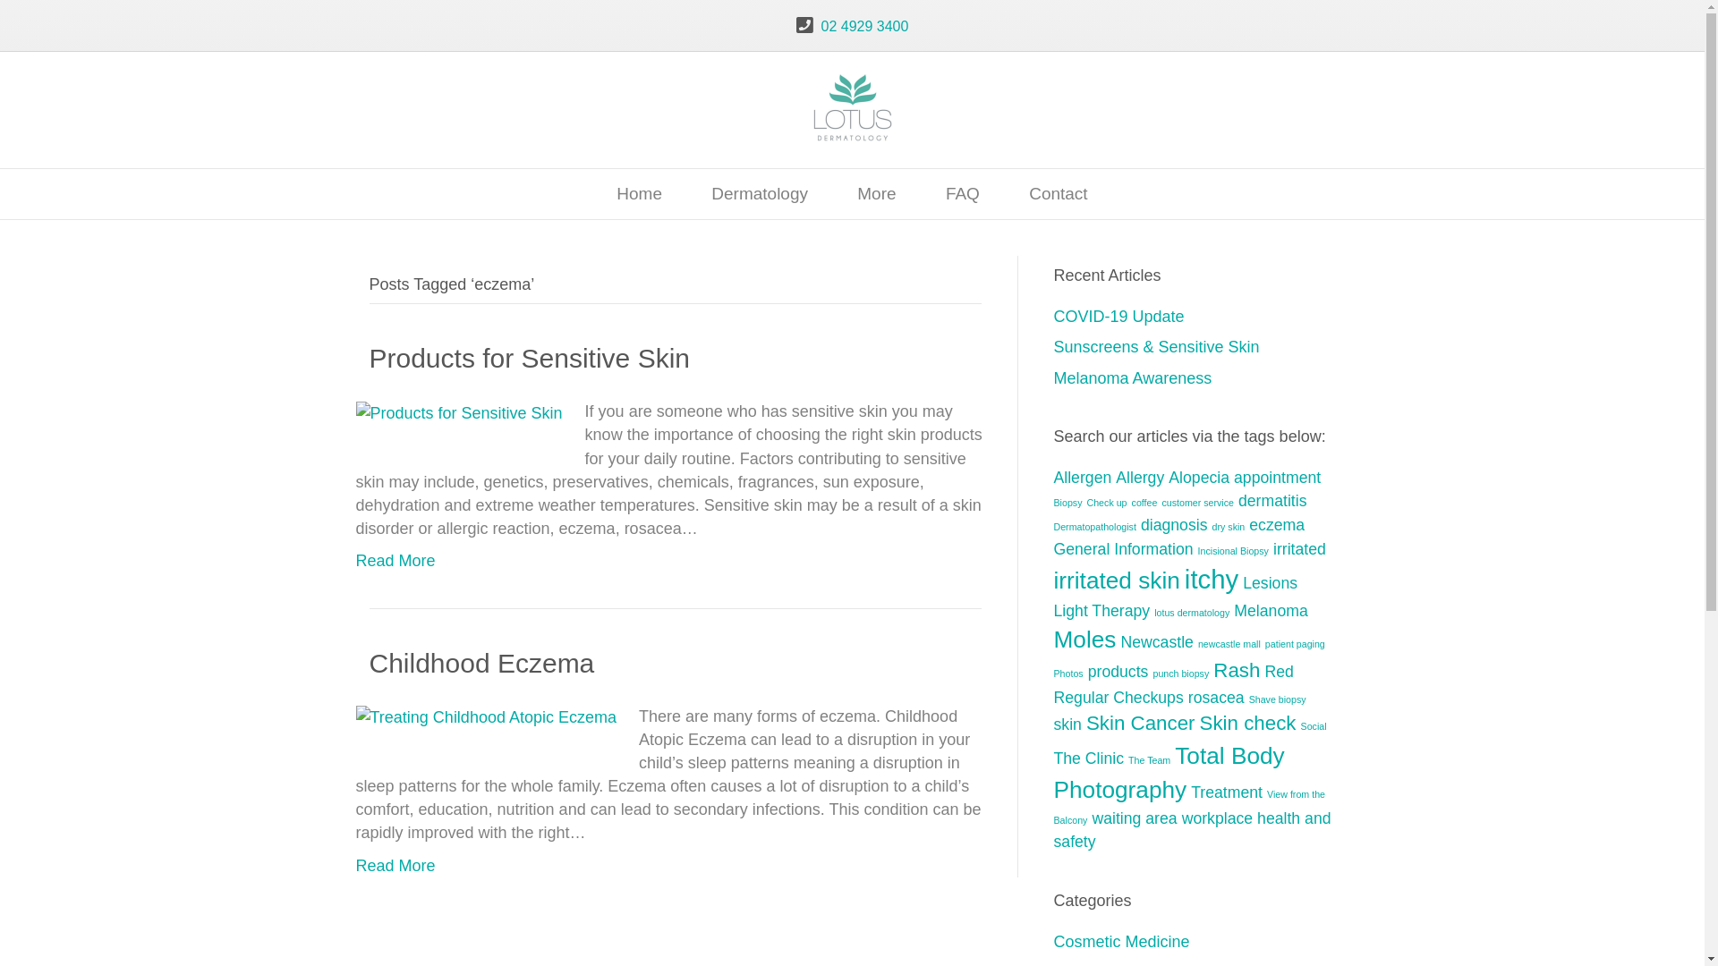 This screenshot has width=1718, height=966. I want to click on 'Read More', so click(395, 865).